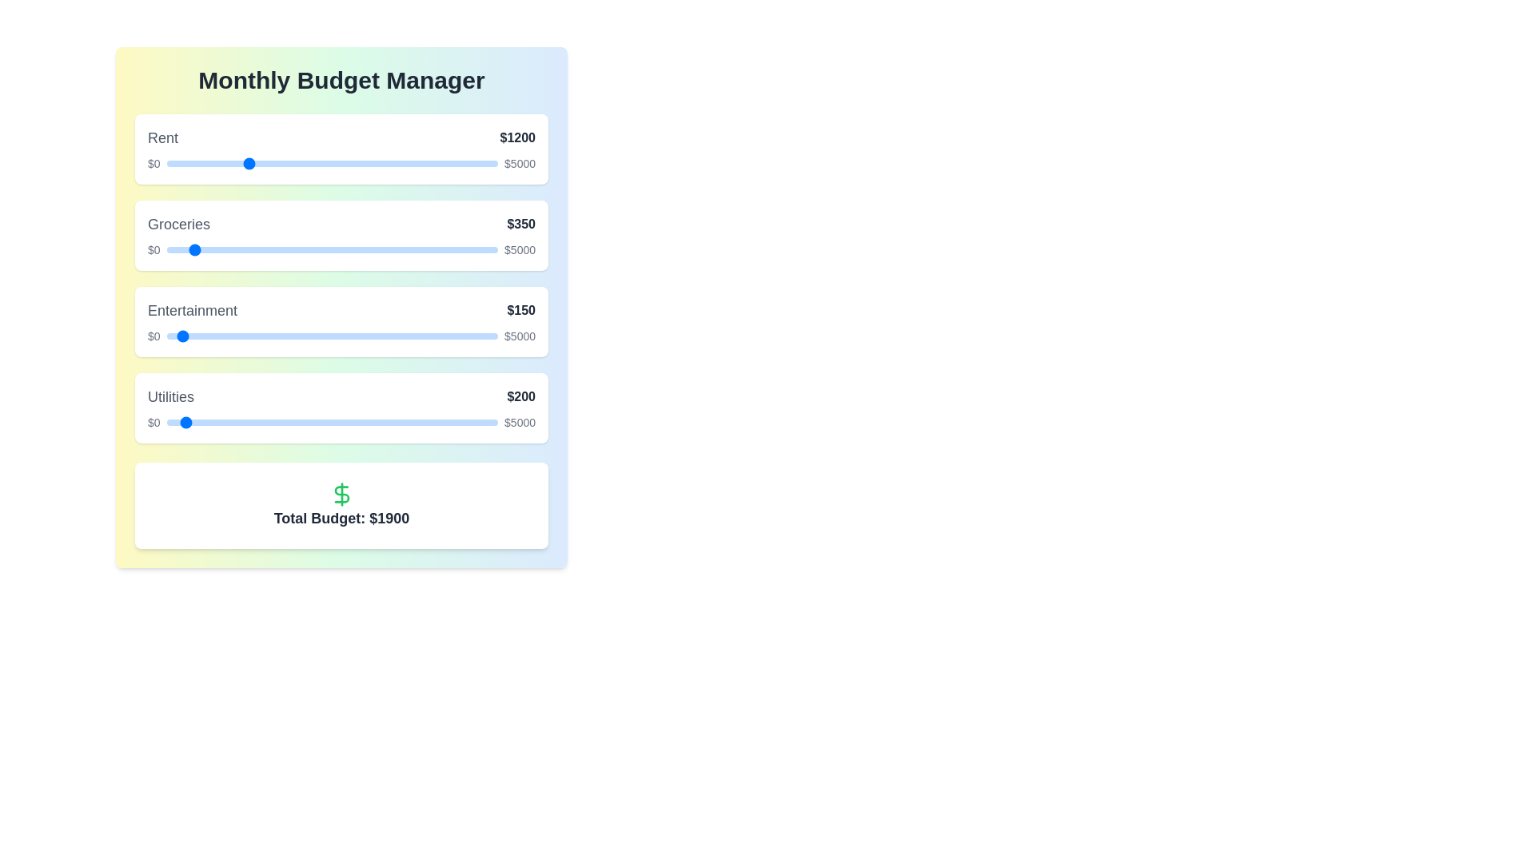 The height and width of the screenshot is (863, 1535). Describe the element at coordinates (347, 421) in the screenshot. I see `the 'Utilities' slider` at that location.